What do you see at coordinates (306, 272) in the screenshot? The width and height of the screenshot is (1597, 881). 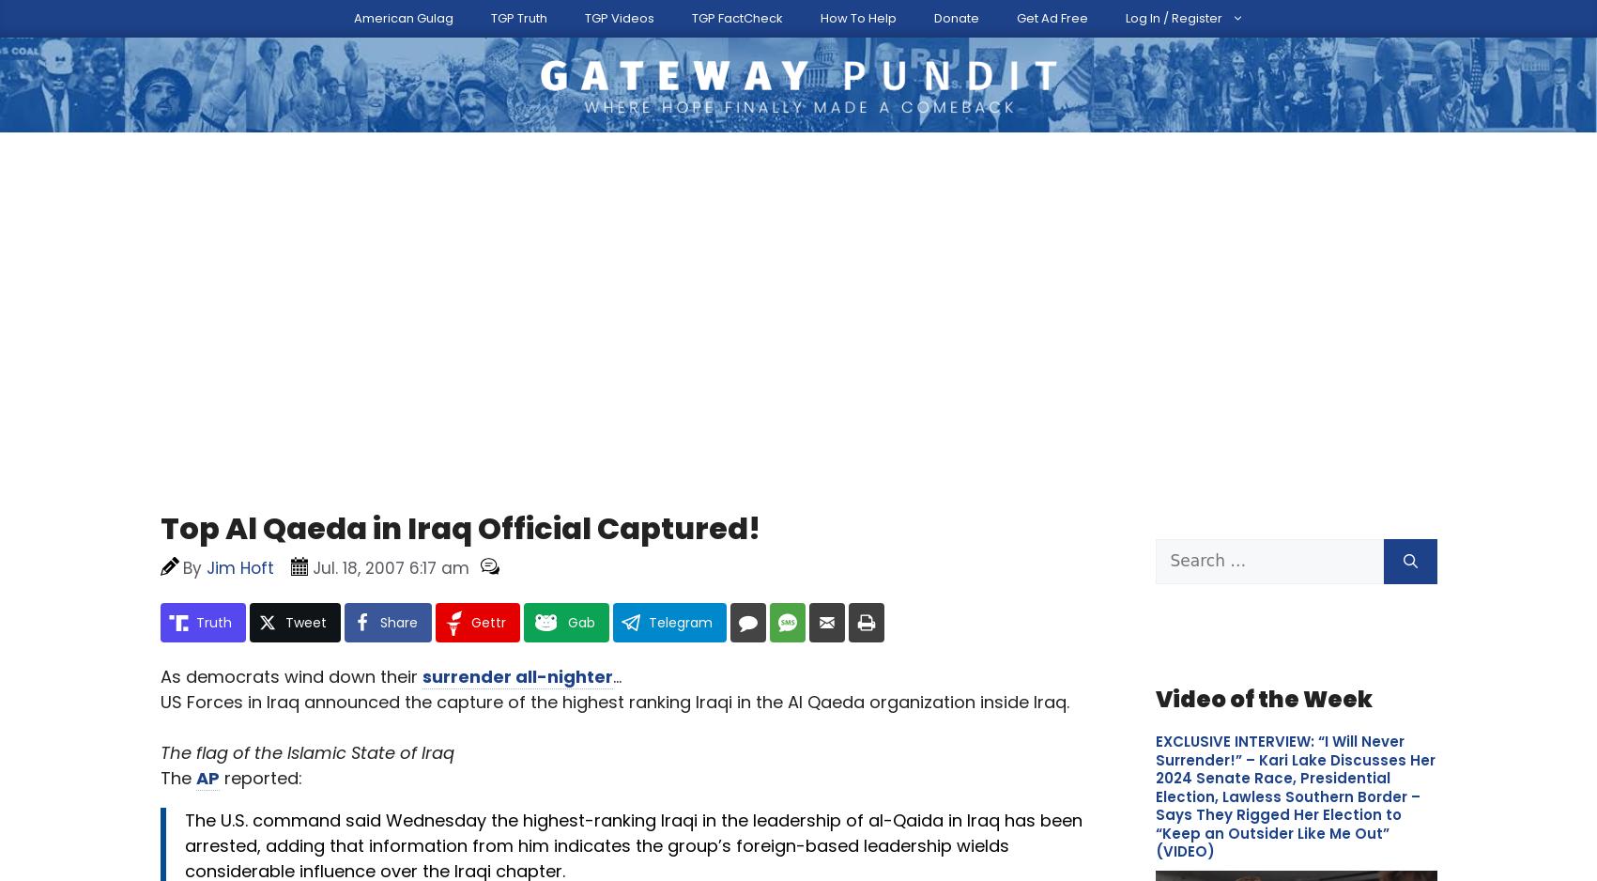 I see `'The New Normal of Selling a Home Today'` at bounding box center [306, 272].